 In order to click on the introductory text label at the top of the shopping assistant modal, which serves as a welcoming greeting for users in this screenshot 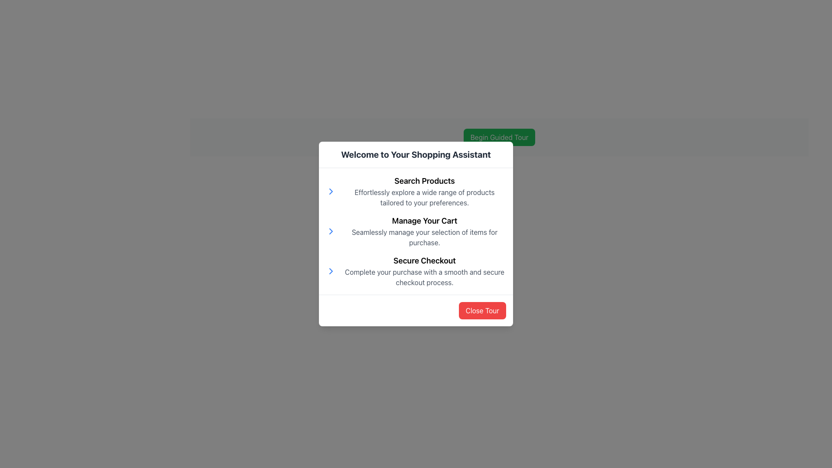, I will do `click(416, 154)`.